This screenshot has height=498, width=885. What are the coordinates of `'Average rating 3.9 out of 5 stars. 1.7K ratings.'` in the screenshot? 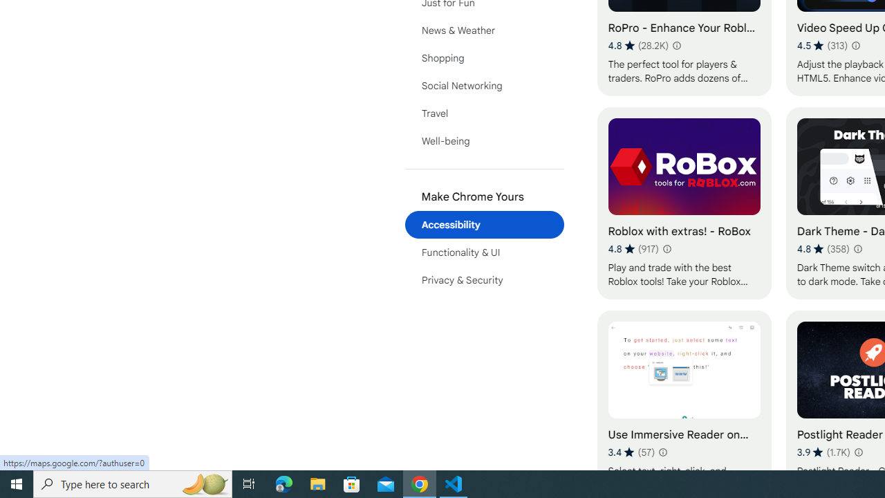 It's located at (823, 452).